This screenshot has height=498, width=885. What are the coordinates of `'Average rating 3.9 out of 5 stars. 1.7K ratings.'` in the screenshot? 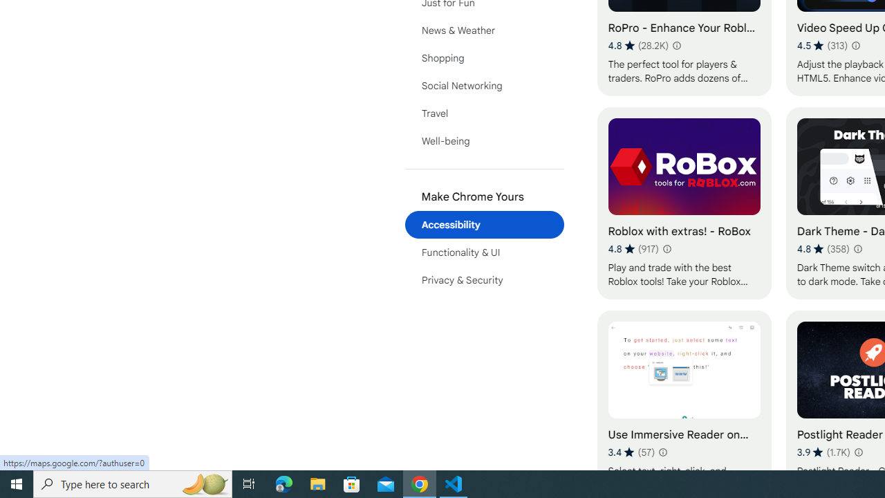 It's located at (823, 452).